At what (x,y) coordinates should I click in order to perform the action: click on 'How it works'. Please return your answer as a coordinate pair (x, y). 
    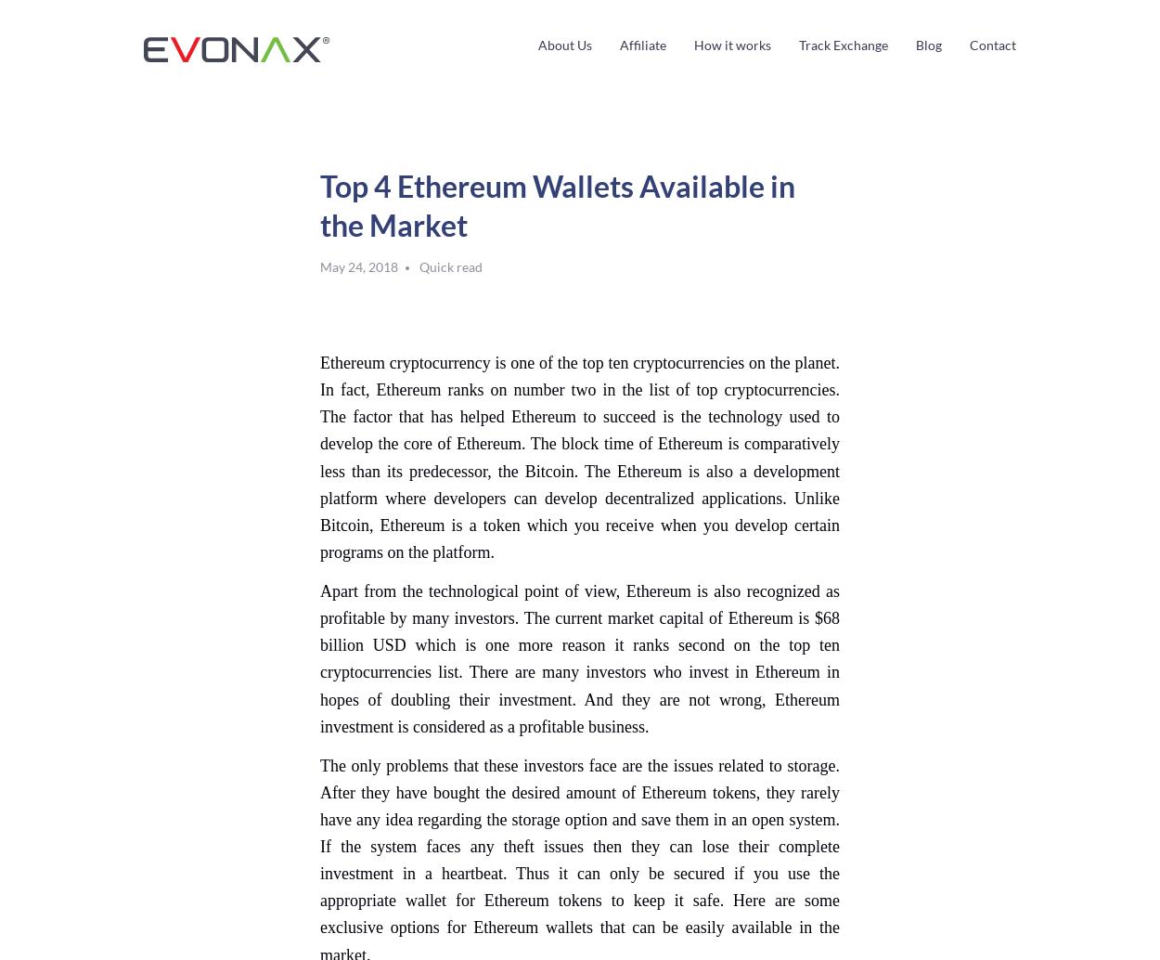
    Looking at the image, I should click on (692, 45).